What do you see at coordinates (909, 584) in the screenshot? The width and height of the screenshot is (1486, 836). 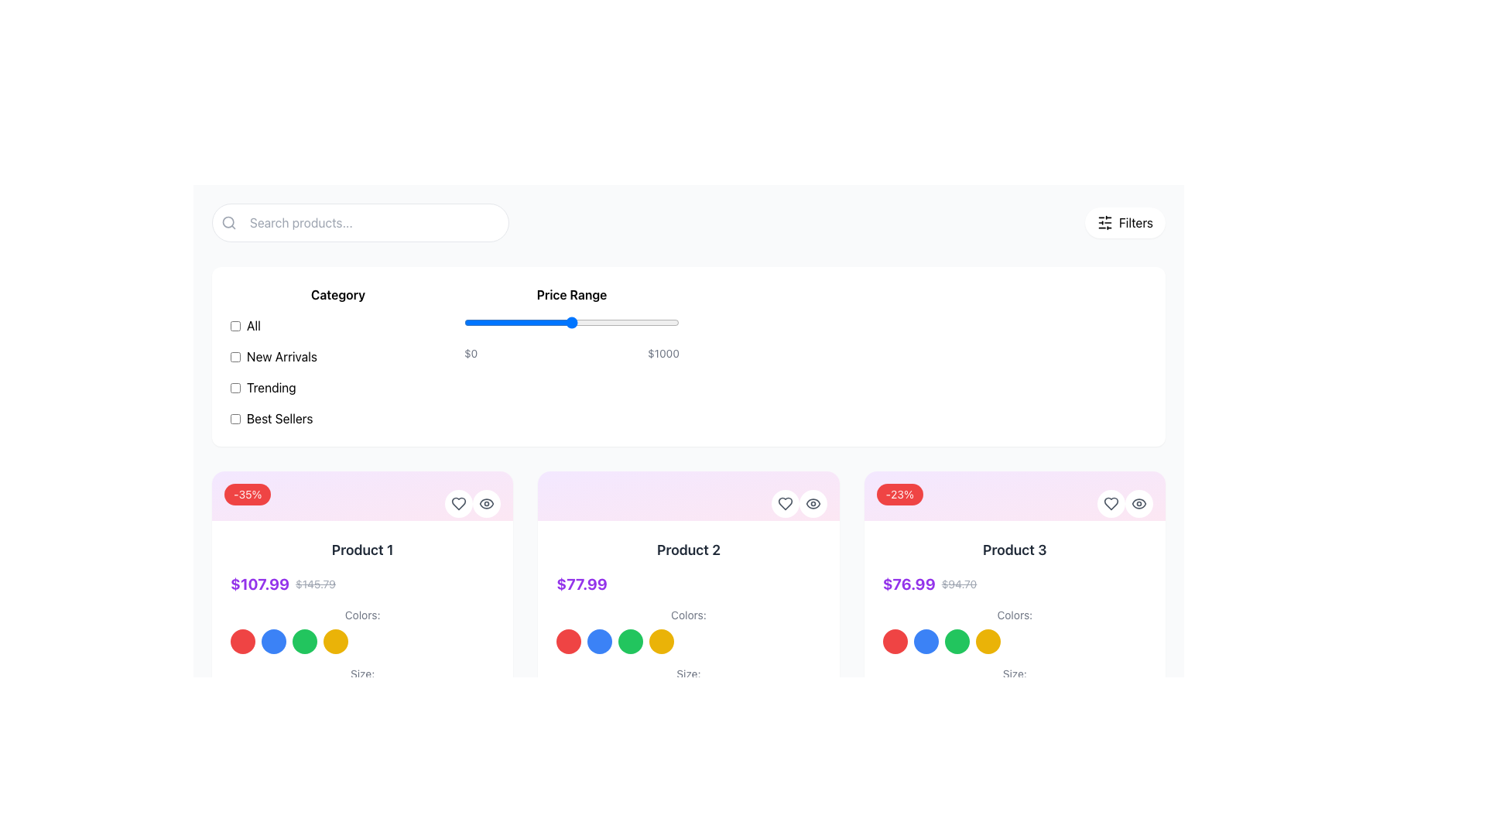 I see `the prominently styled price text display for 'Product 3', which is bold and purple in color, located centrally under the product title` at bounding box center [909, 584].